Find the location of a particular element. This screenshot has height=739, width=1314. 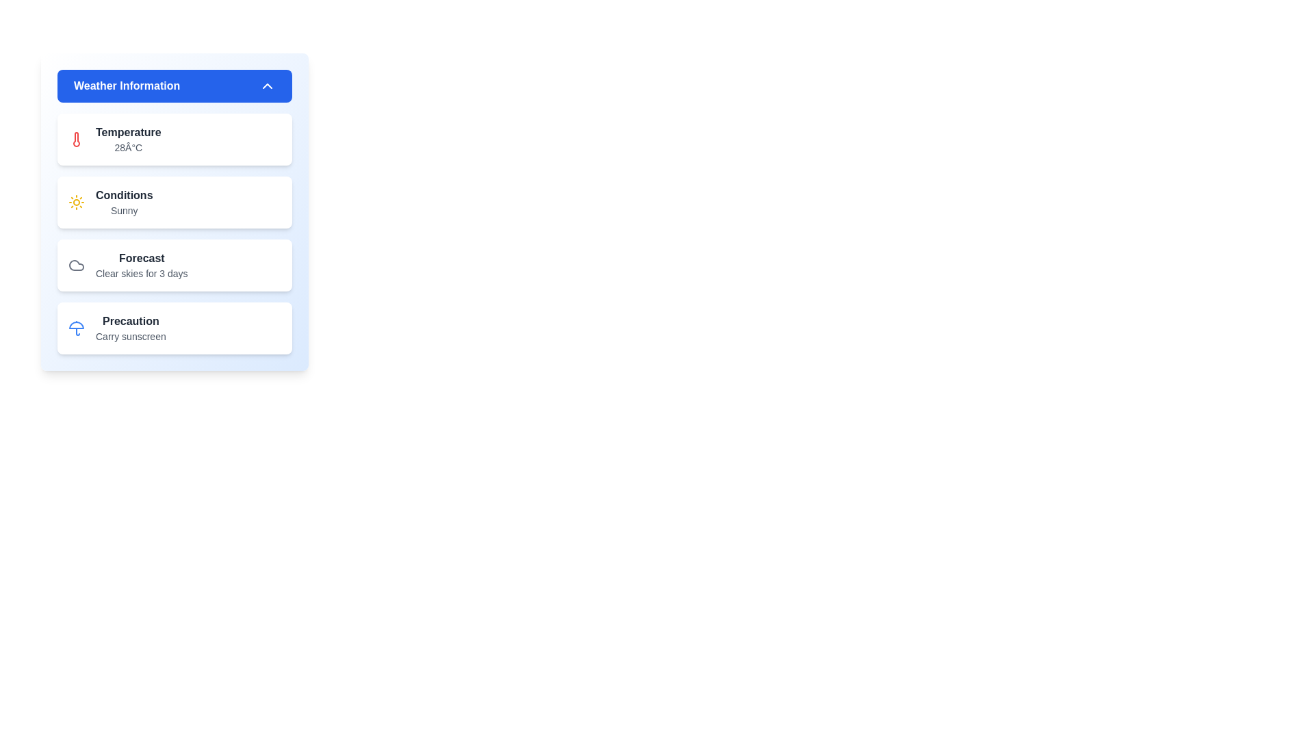

the Text Label providing precautionary information related to weather conditions, located directly below the 'Precaution' header in the fourth section of the 'Weather Information' card is located at coordinates (131, 337).